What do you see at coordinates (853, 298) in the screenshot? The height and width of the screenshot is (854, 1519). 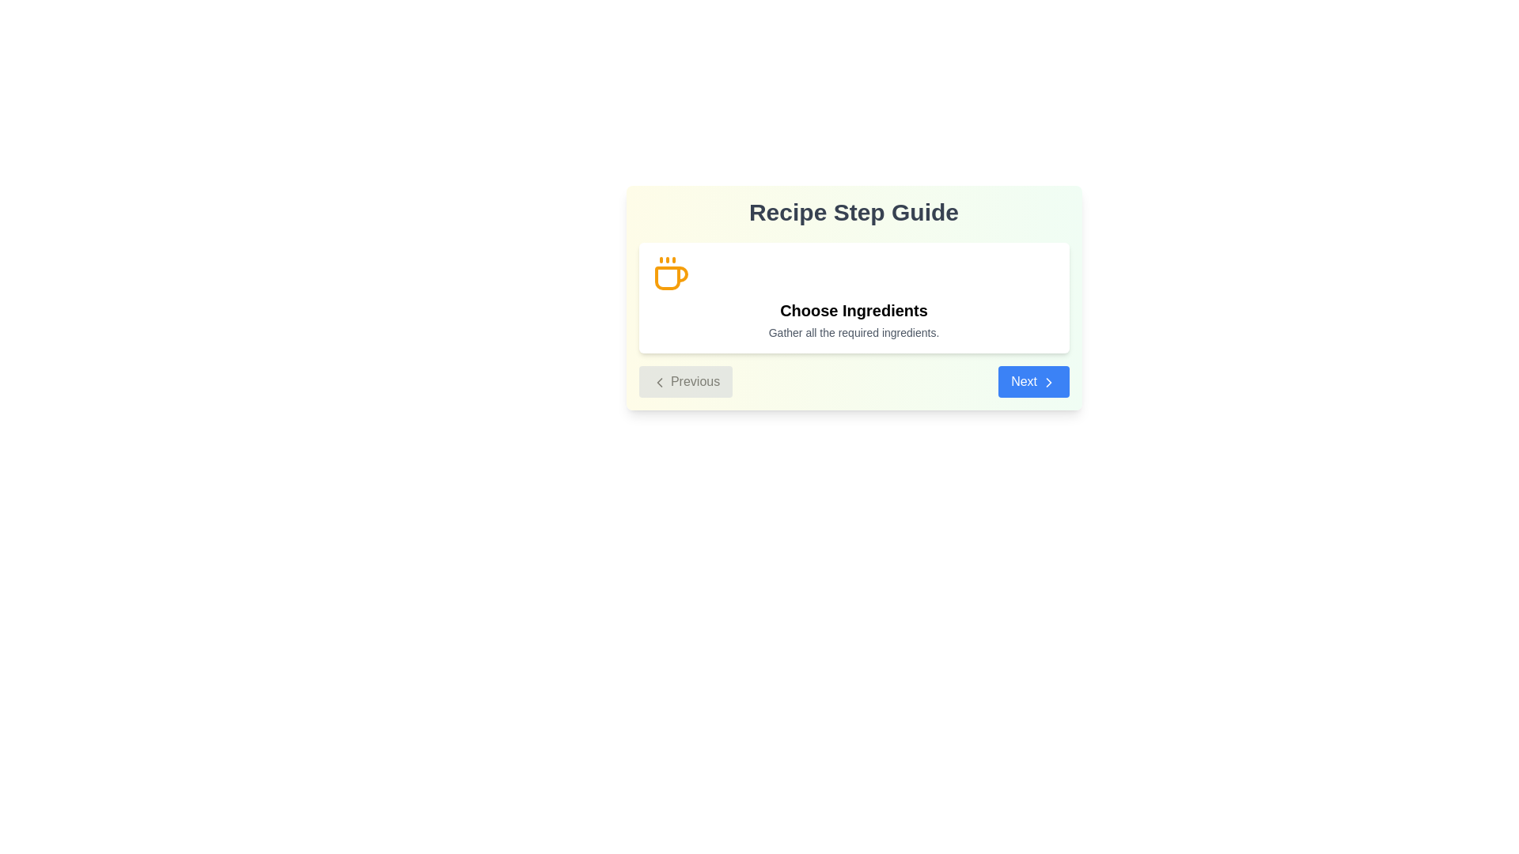 I see `the 'Previous' and 'Next' buttons located beneath the 'Recipe Step Guide' instructional panel` at bounding box center [853, 298].